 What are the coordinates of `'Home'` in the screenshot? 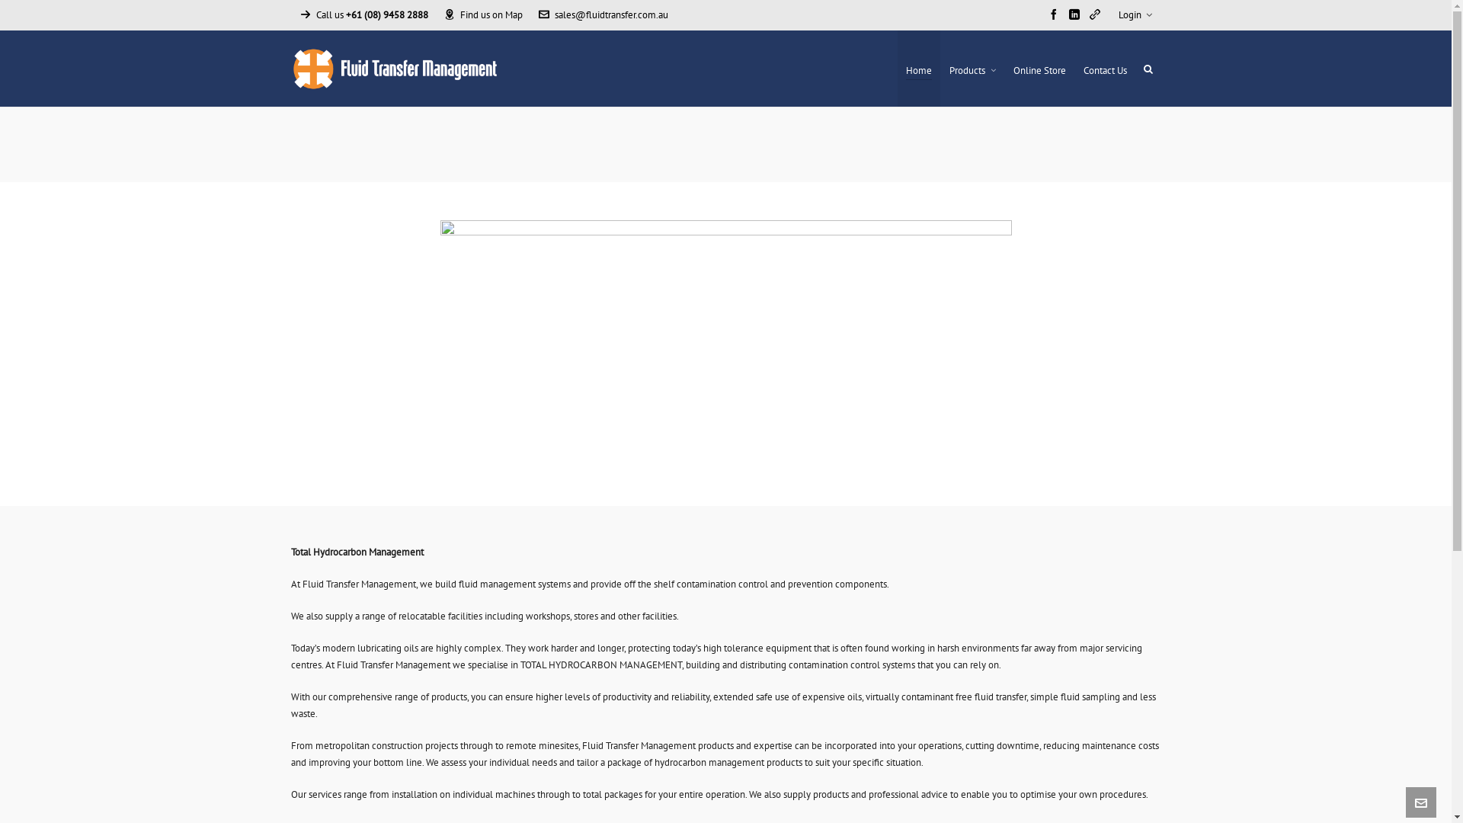 It's located at (917, 67).